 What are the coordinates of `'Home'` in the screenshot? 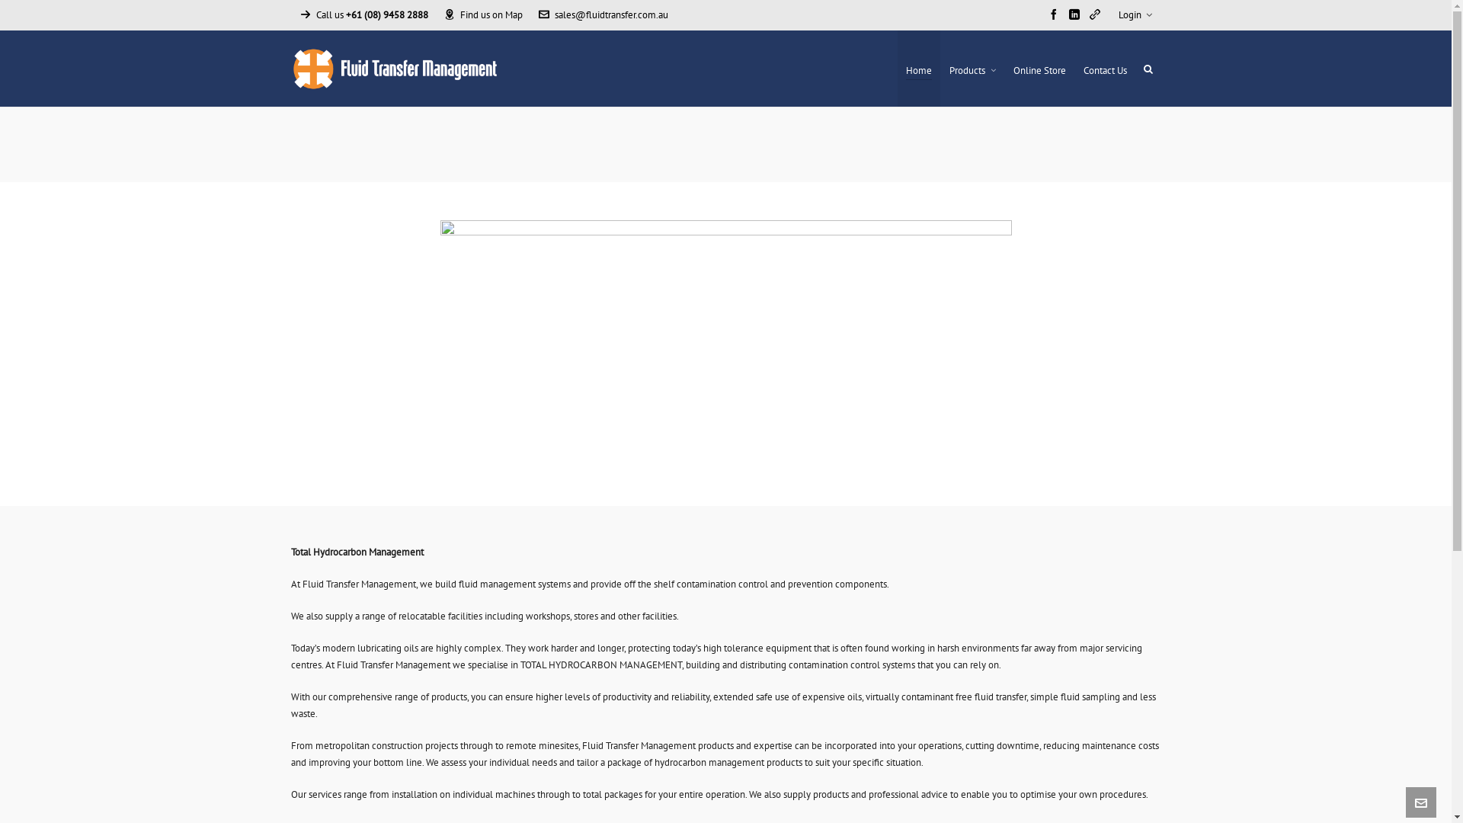 It's located at (917, 67).